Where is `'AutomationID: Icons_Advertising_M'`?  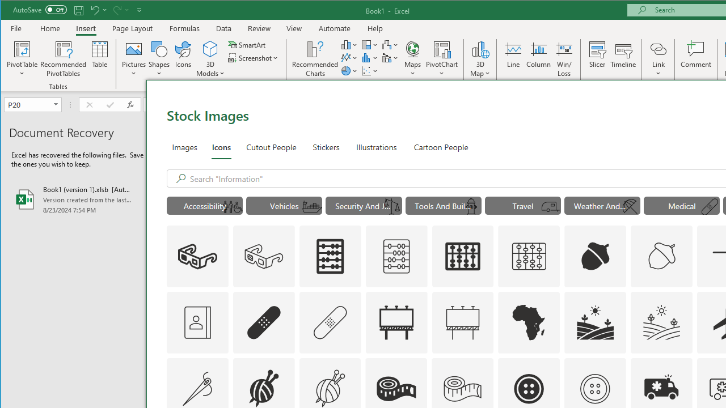
'AutomationID: Icons_Advertising_M' is located at coordinates (463, 322).